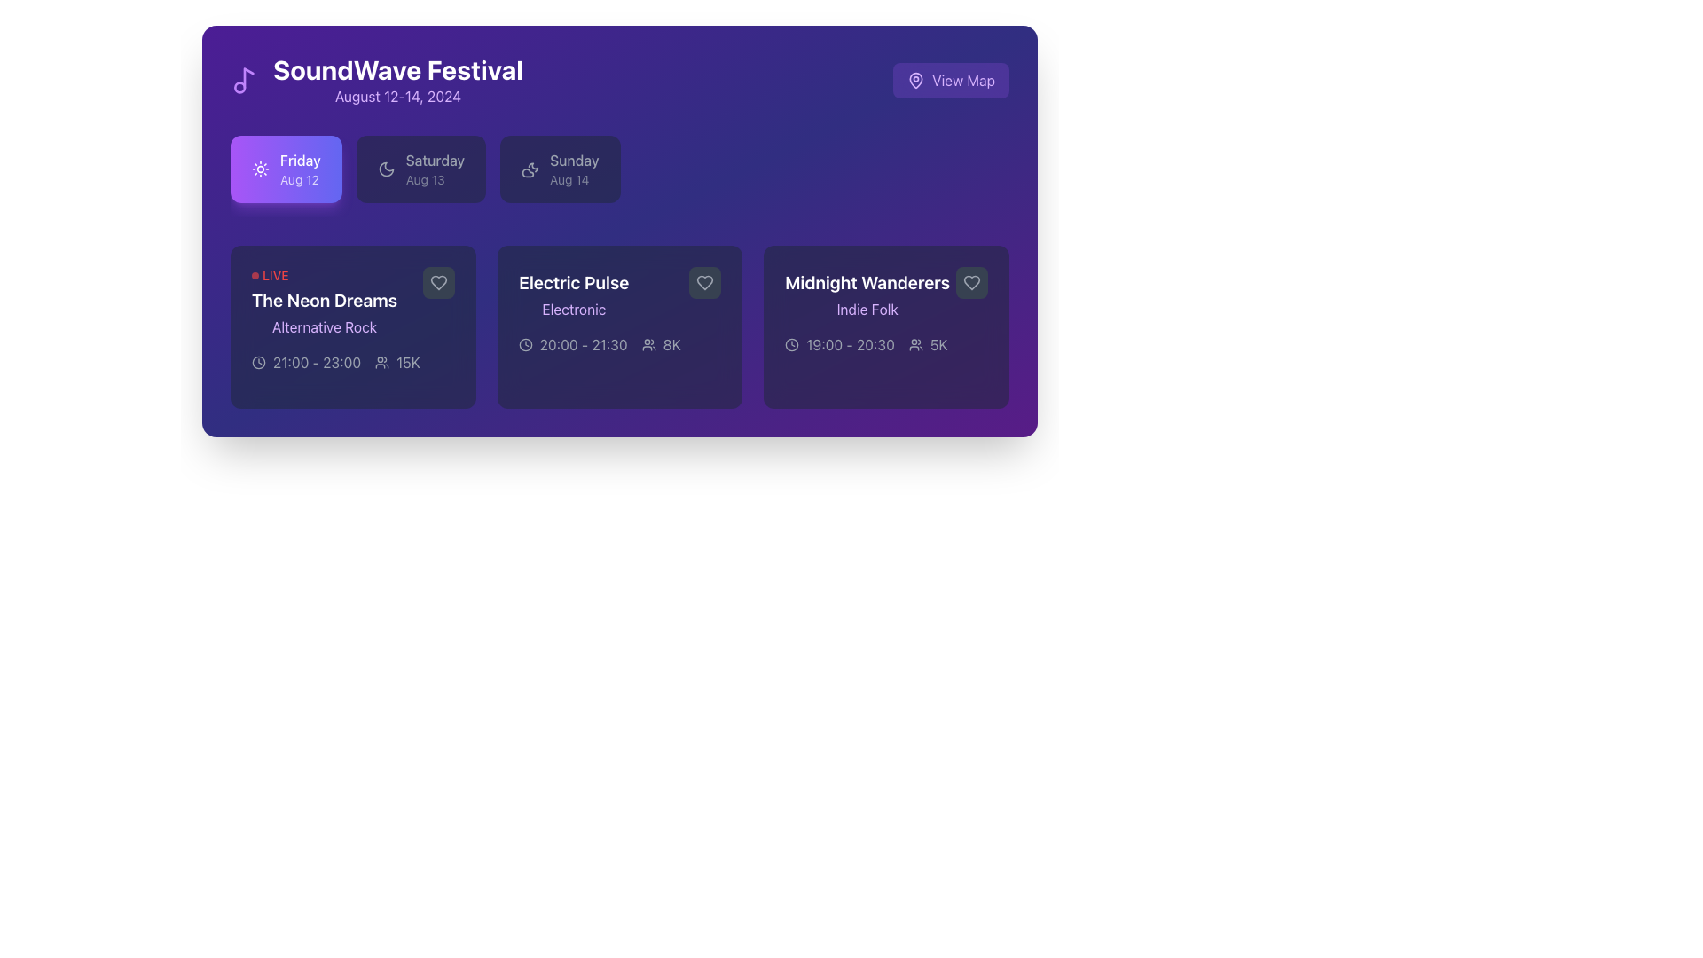 Image resolution: width=1703 pixels, height=958 pixels. What do you see at coordinates (530, 169) in the screenshot?
I see `the cloud and crescent moon icon located to the left of the 'Sunday' text within the card section labeled 'Sunday Aug 14'` at bounding box center [530, 169].